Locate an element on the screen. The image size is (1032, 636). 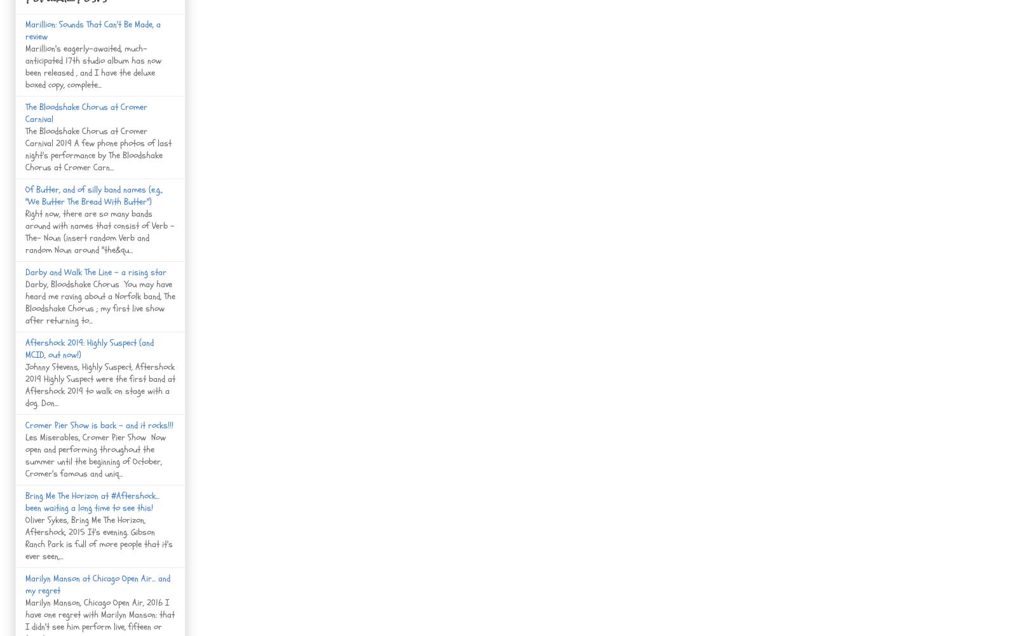
'Les Miserables, Cromer Pier Show  Now open and performing throughout the summer until the beginning of October, Cromer's famous and uniq...' is located at coordinates (95, 455).